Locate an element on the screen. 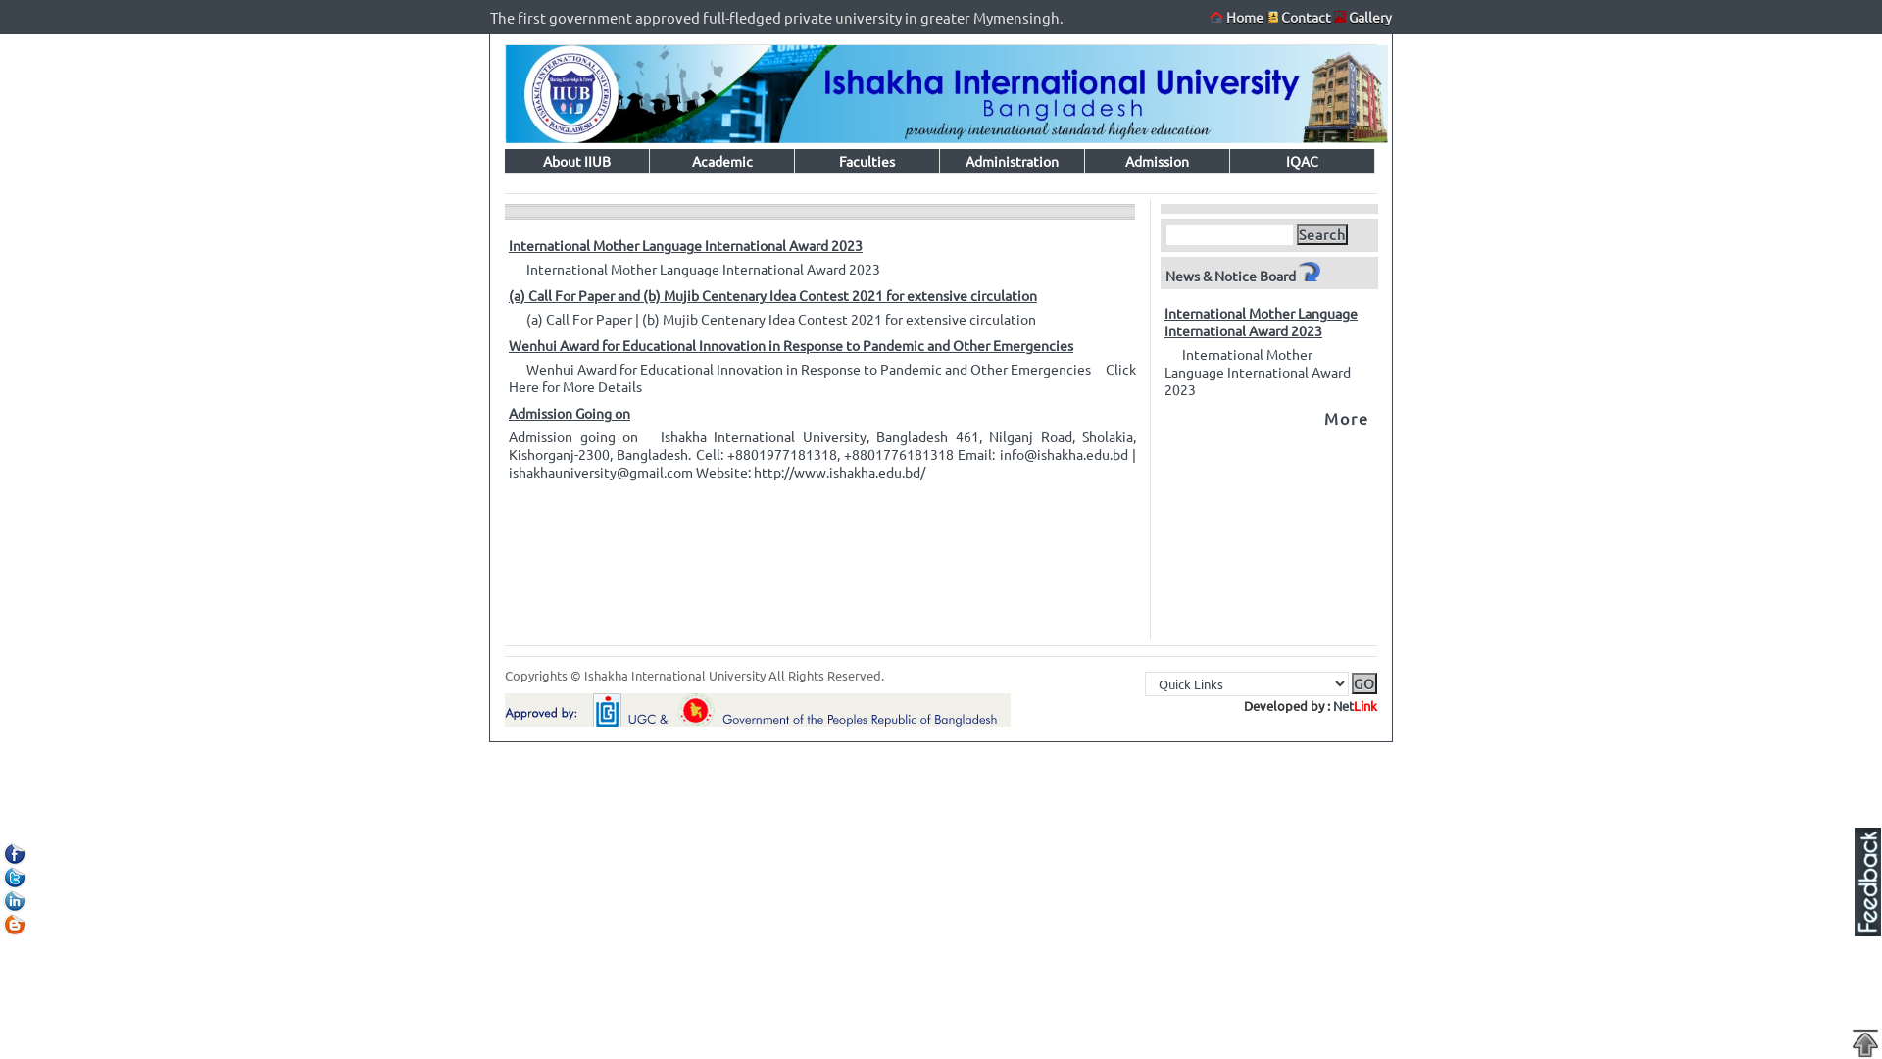  'Academic' is located at coordinates (721, 160).